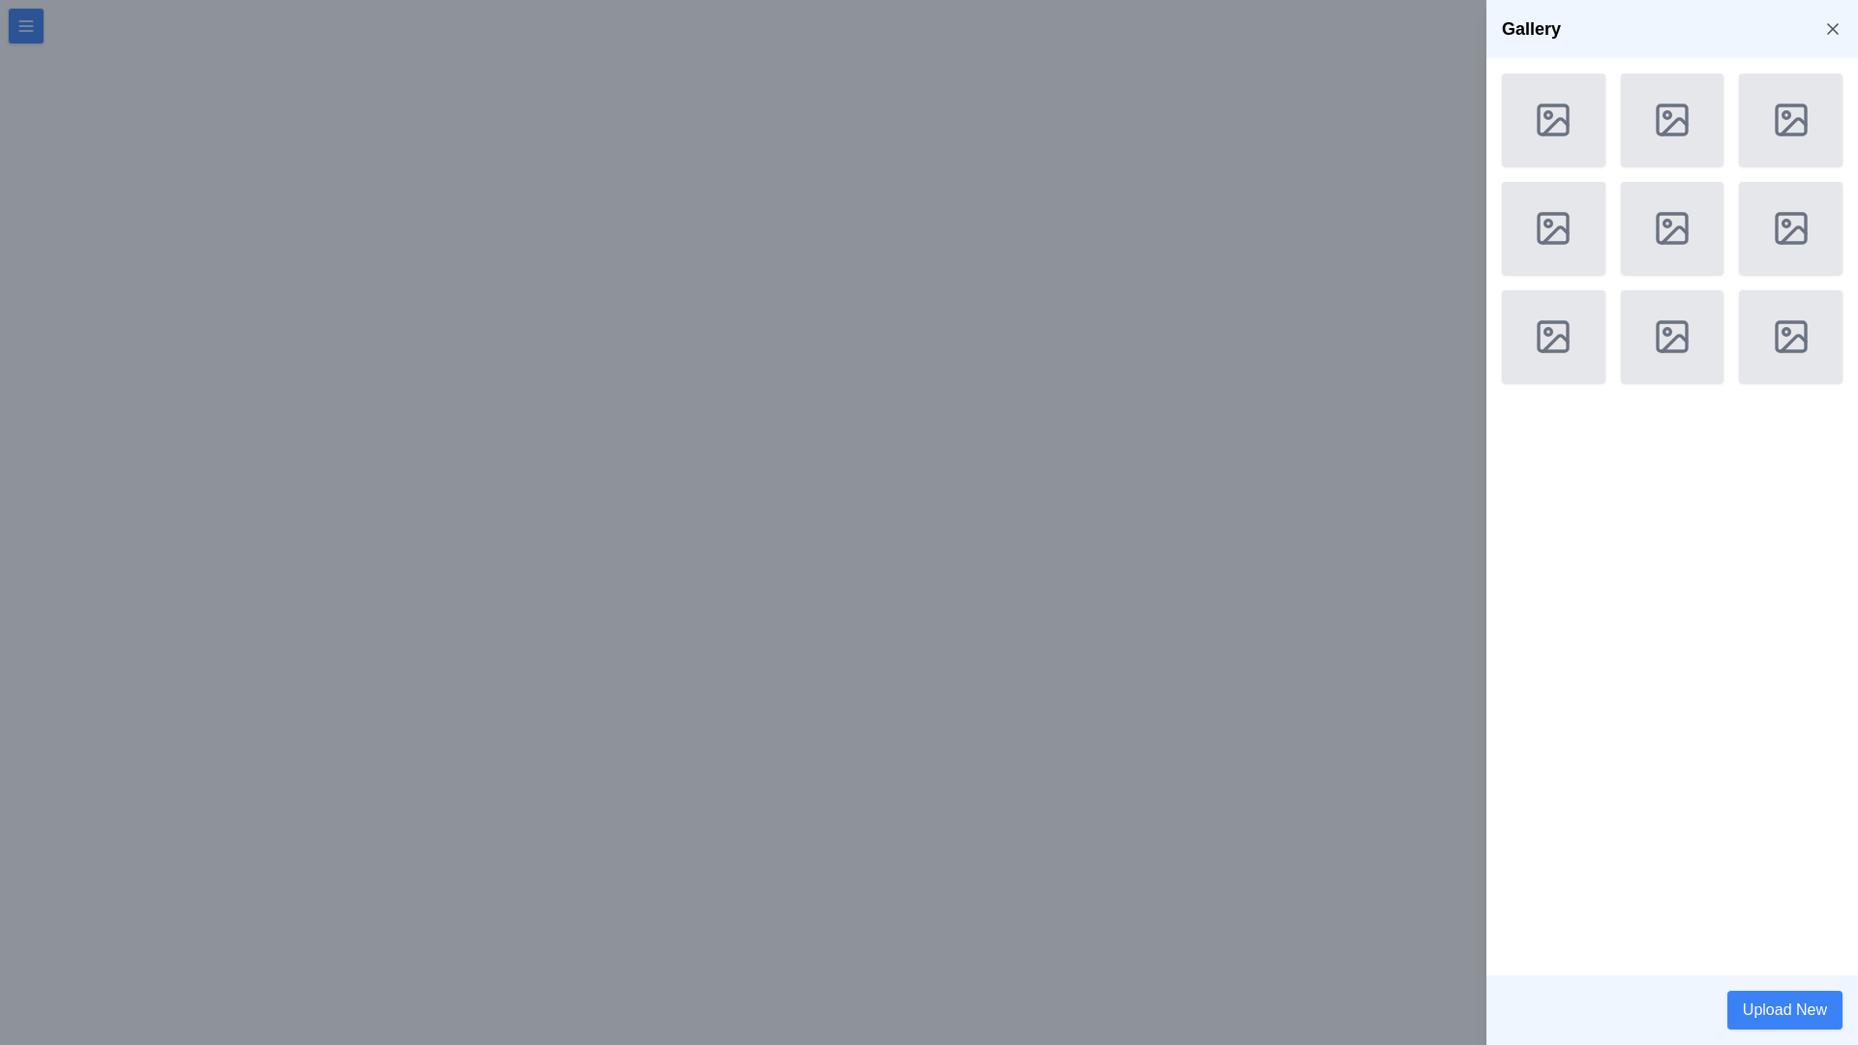 The image size is (1858, 1045). What do you see at coordinates (1553, 335) in the screenshot?
I see `the first item in the last row of the 3-column grid layout on the right-side panel` at bounding box center [1553, 335].